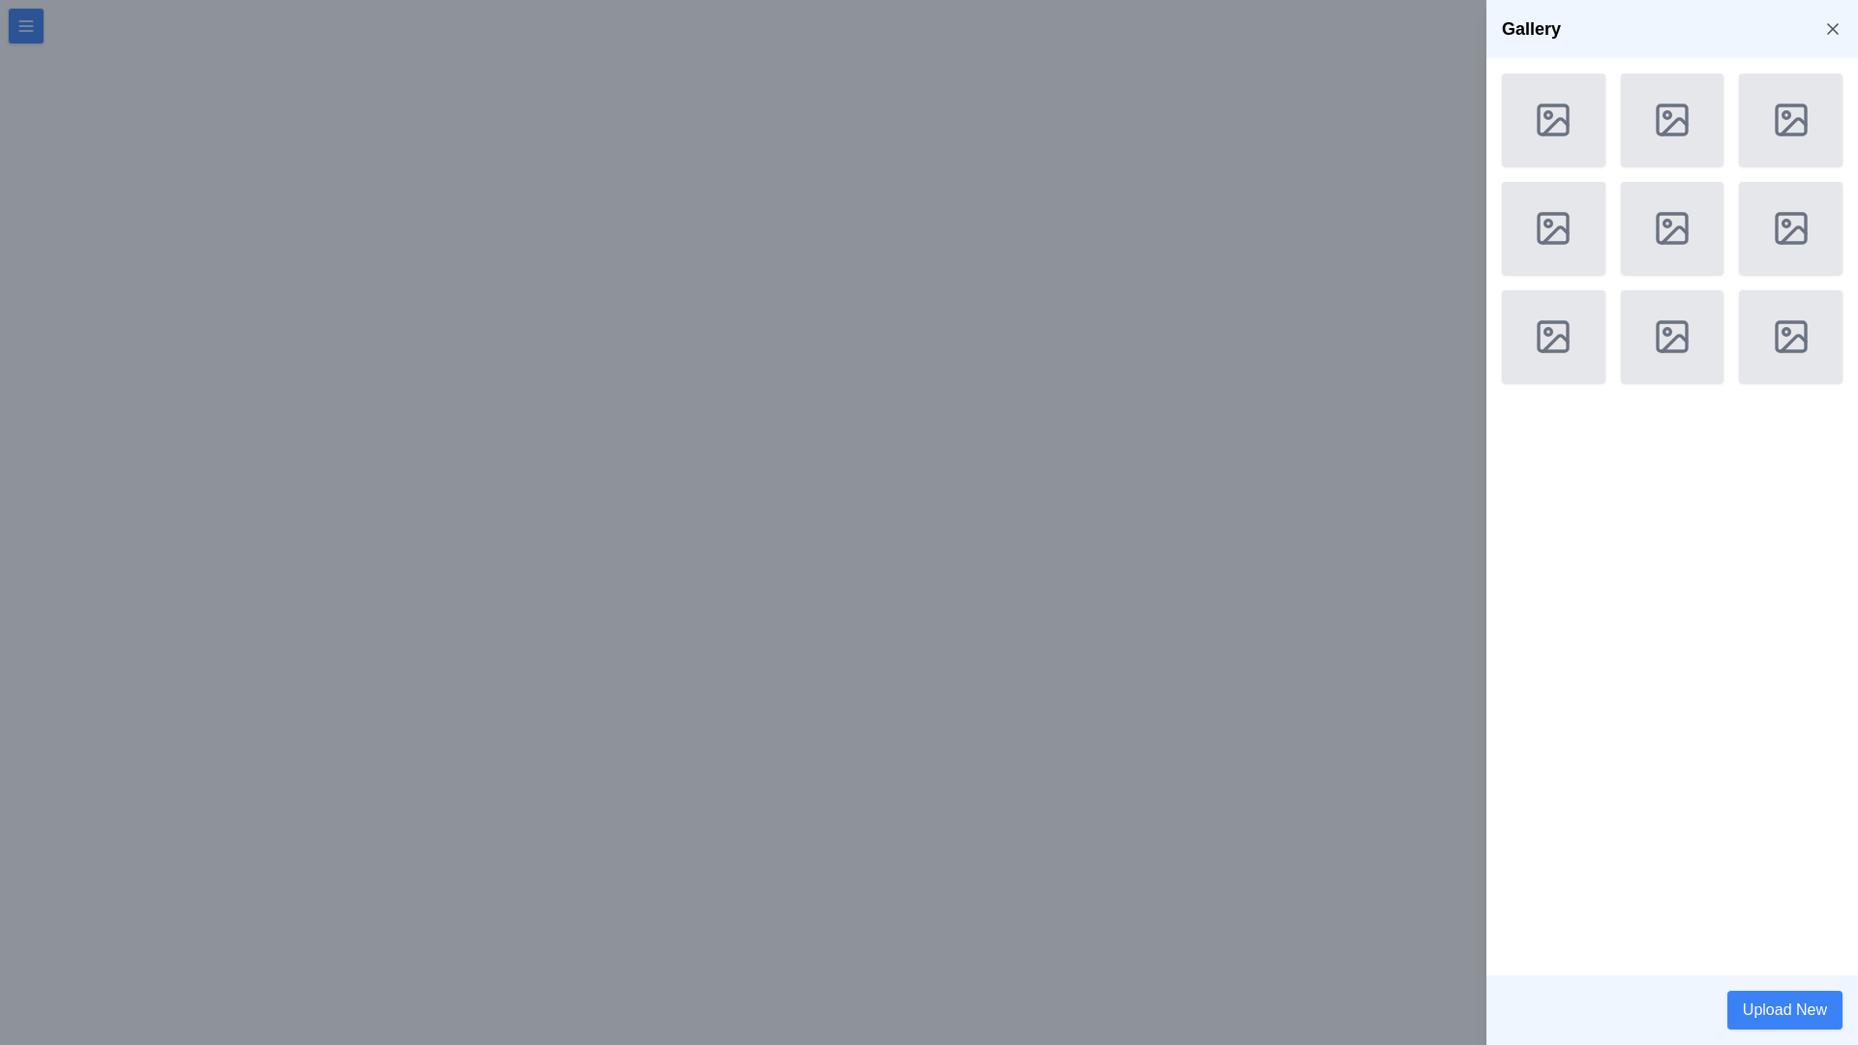 The image size is (1858, 1045). What do you see at coordinates (1553, 335) in the screenshot?
I see `the first item in the last row of the 3-column grid layout on the right-side panel` at bounding box center [1553, 335].